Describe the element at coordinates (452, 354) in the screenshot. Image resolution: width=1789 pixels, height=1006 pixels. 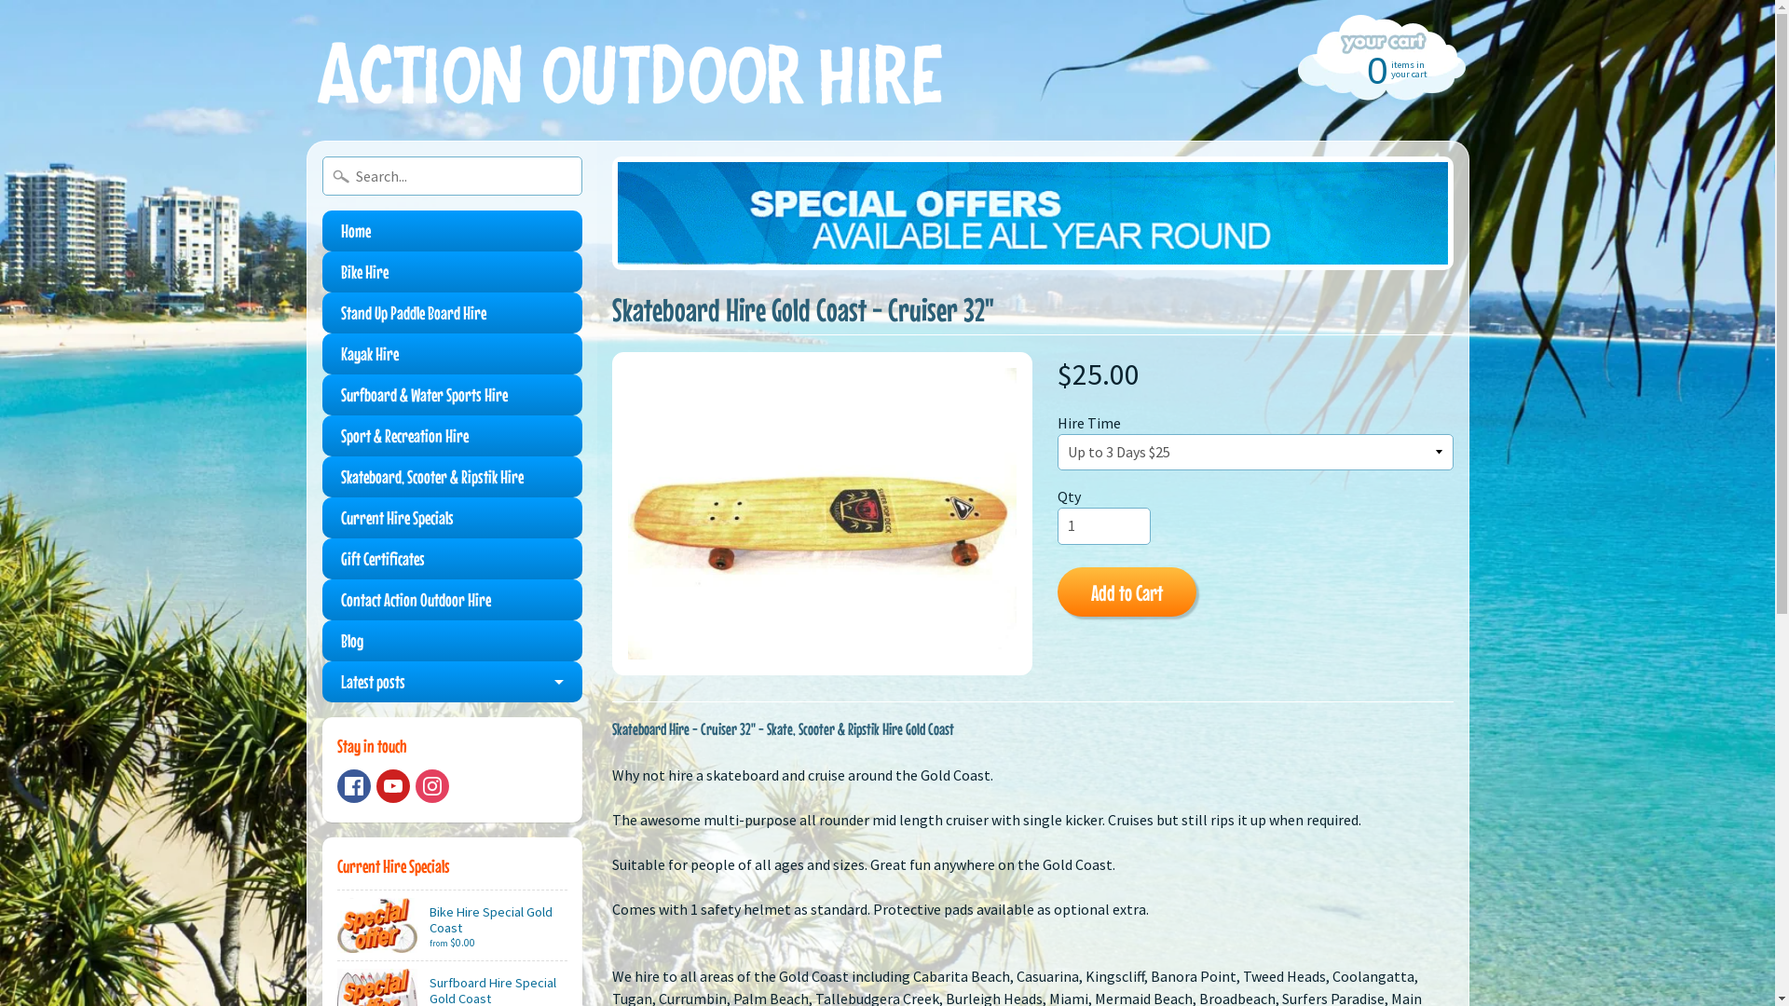
I see `'Kayak Hire'` at that location.